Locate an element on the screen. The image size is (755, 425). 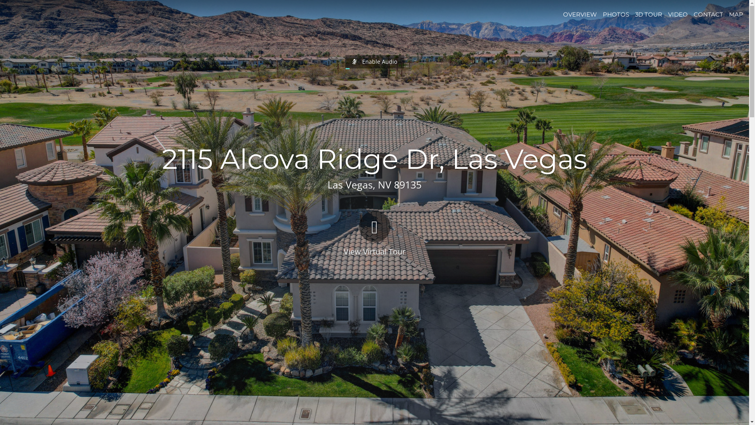
'CONTACT' is located at coordinates (708, 14).